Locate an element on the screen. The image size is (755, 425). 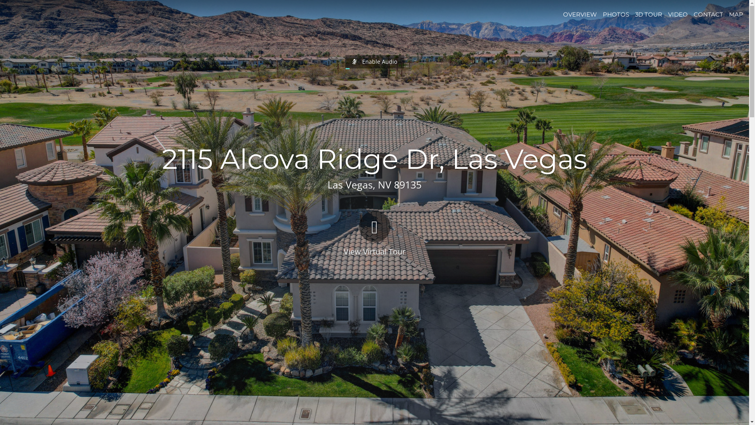
'CONTACT' is located at coordinates (708, 14).